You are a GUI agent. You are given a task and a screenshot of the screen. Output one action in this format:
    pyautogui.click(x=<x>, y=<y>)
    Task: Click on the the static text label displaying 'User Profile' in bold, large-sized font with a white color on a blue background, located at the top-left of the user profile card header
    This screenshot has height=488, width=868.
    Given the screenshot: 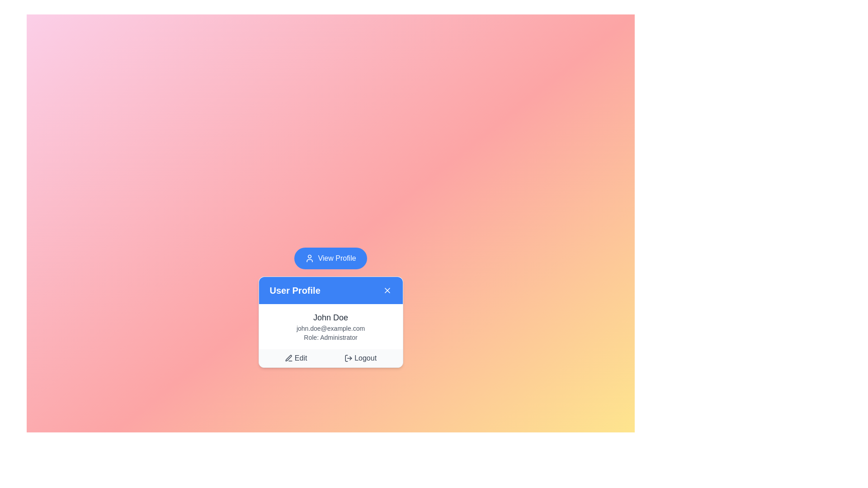 What is the action you would take?
    pyautogui.click(x=295, y=291)
    